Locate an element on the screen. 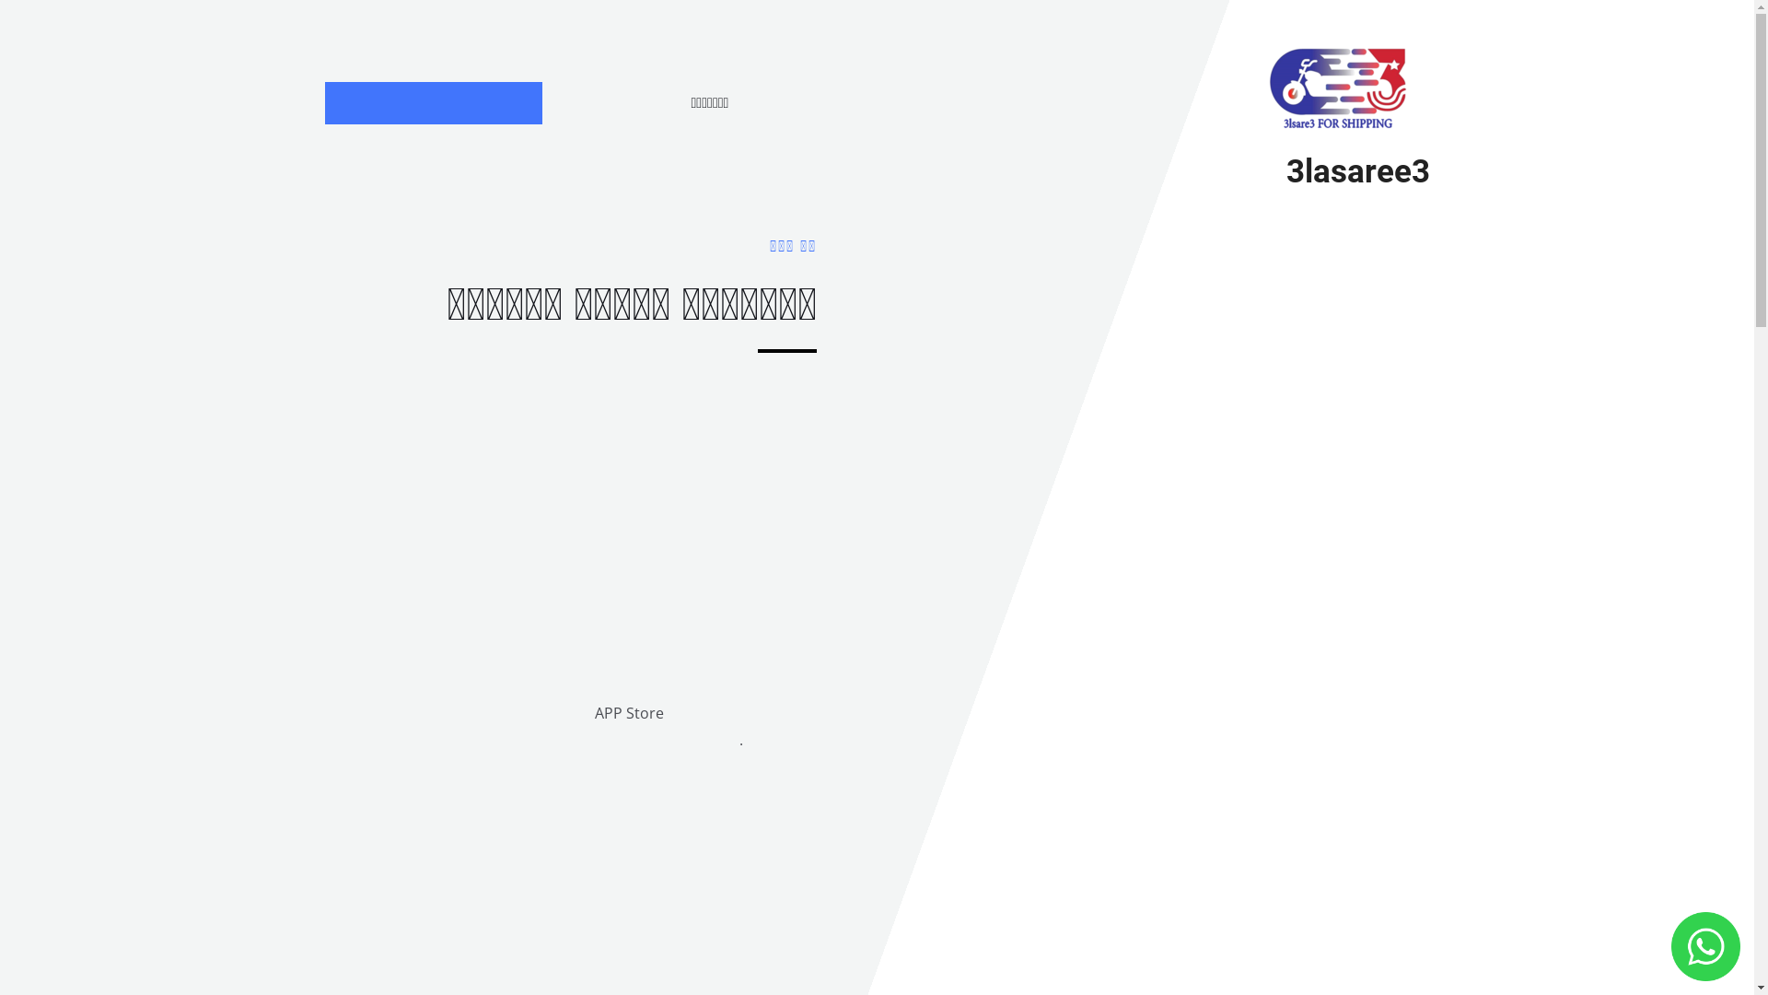 The height and width of the screenshot is (995, 1768). '3lasaree3' is located at coordinates (1285, 171).